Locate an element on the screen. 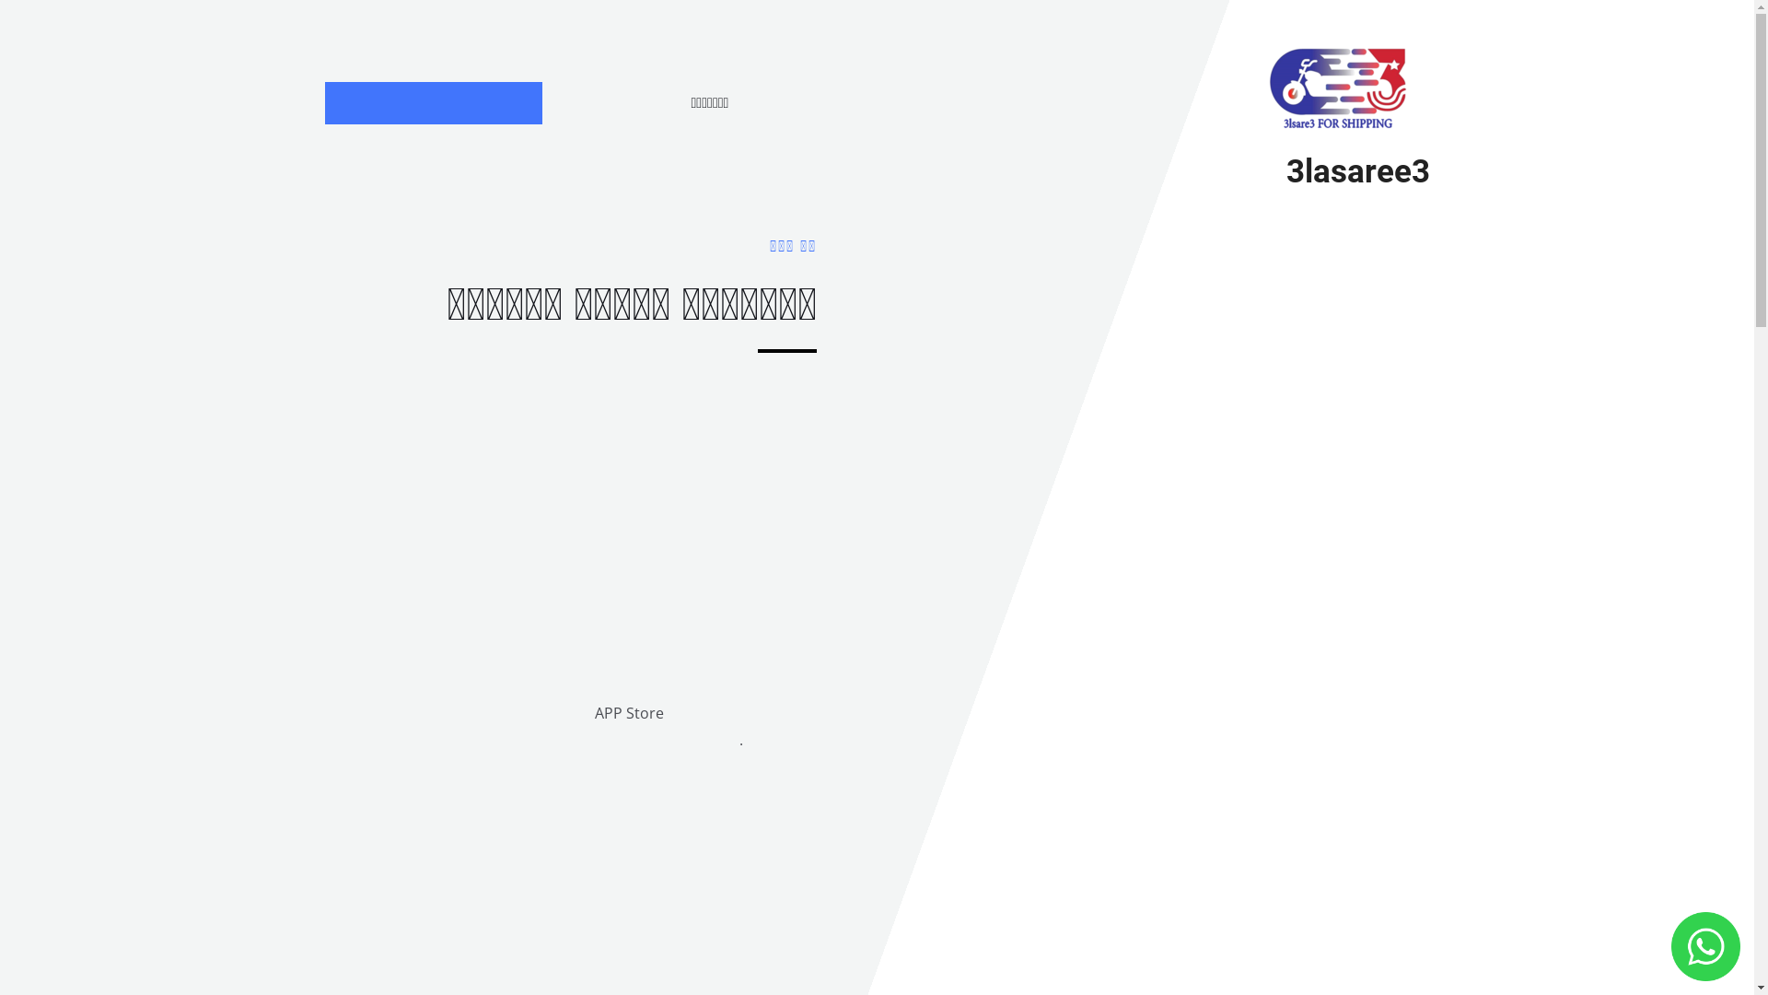 The height and width of the screenshot is (995, 1768). '3lasaree3' is located at coordinates (1285, 171).